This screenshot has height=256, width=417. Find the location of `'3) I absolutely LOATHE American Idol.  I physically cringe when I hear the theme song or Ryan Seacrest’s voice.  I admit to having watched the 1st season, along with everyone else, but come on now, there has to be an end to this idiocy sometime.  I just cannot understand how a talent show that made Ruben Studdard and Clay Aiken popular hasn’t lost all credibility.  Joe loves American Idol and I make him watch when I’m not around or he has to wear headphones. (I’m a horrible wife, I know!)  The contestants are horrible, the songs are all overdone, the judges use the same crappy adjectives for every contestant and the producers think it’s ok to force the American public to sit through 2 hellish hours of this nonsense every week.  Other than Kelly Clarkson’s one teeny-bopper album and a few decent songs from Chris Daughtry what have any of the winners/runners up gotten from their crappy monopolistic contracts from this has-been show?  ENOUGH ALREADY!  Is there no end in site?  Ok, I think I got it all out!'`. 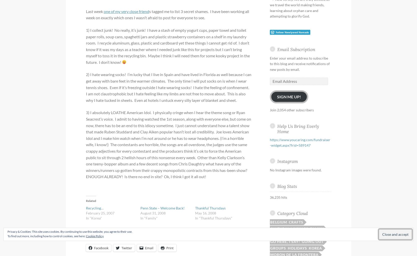

'3) I absolutely LOATHE American Idol.  I physically cringe when I hear the theme song or Ryan Seacrest’s voice.  I admit to having watched the 1st season, along with everyone else, but come on now, there has to be an end to this idiocy sometime.  I just cannot understand how a talent show that made Ruben Studdard and Clay Aiken popular hasn’t lost all credibility.  Joe loves American Idol and I make him watch when I’m not around or he has to wear headphones. (I’m a horrible wife, I know!)  The contestants are horrible, the songs are all overdone, the judges use the same crappy adjectives for every contestant and the producers think it’s ok to force the American public to sit through 2 hellish hours of this nonsense every week.  Other than Kelly Clarkson’s one teeny-bopper album and a few decent songs from Chris Daughtry what have any of the winners/runners up gotten from their crappy monopolistic contracts from this has-been show?  ENOUGH ALREADY!  Is there no end in site?  Ok, I think I got it all out!' is located at coordinates (168, 144).